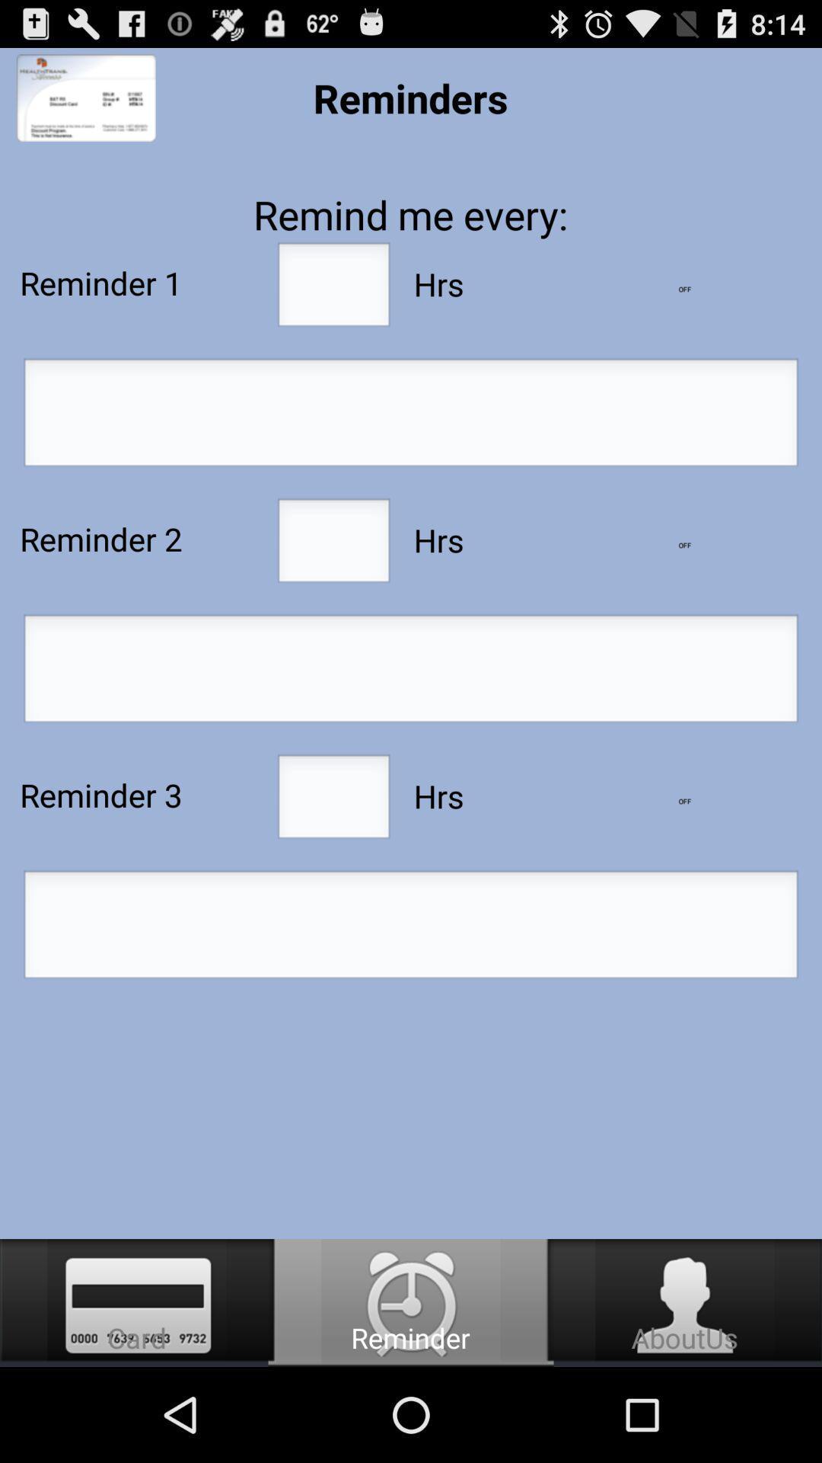 This screenshot has height=1463, width=822. I want to click on reminder, so click(411, 417).